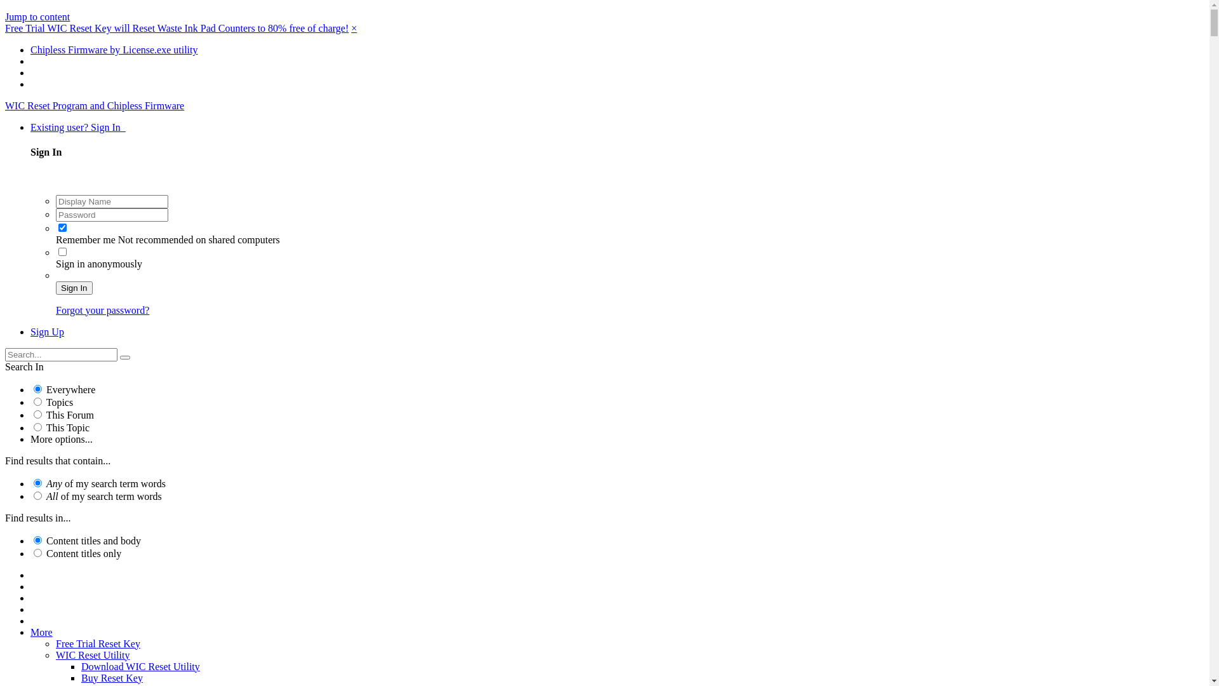 Image resolution: width=1219 pixels, height=686 pixels. I want to click on 'Chipless Firmware by License.exe utility', so click(114, 49).